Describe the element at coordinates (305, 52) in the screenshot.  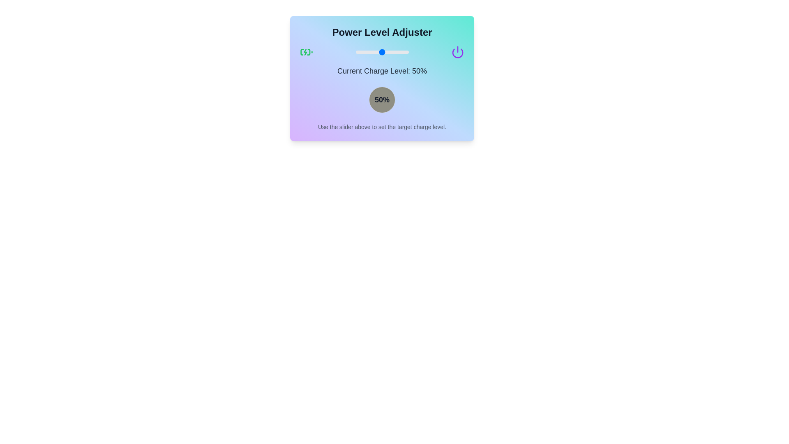
I see `the lightning bolt icon that is part of the battery charging icon, styled in green and centrally positioned within the battery outline` at that location.